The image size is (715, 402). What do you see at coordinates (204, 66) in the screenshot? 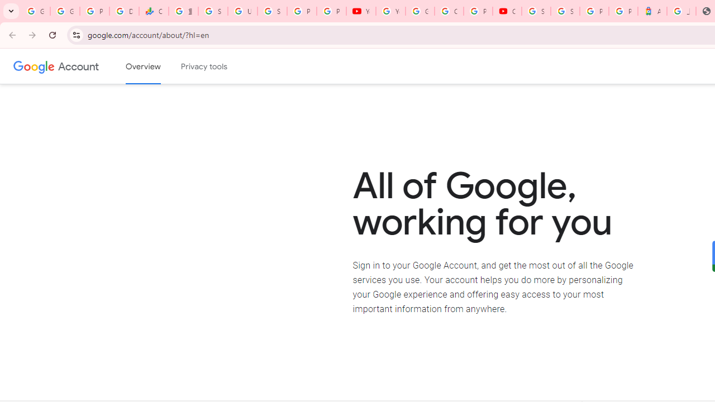
I see `'Privacy tools'` at bounding box center [204, 66].